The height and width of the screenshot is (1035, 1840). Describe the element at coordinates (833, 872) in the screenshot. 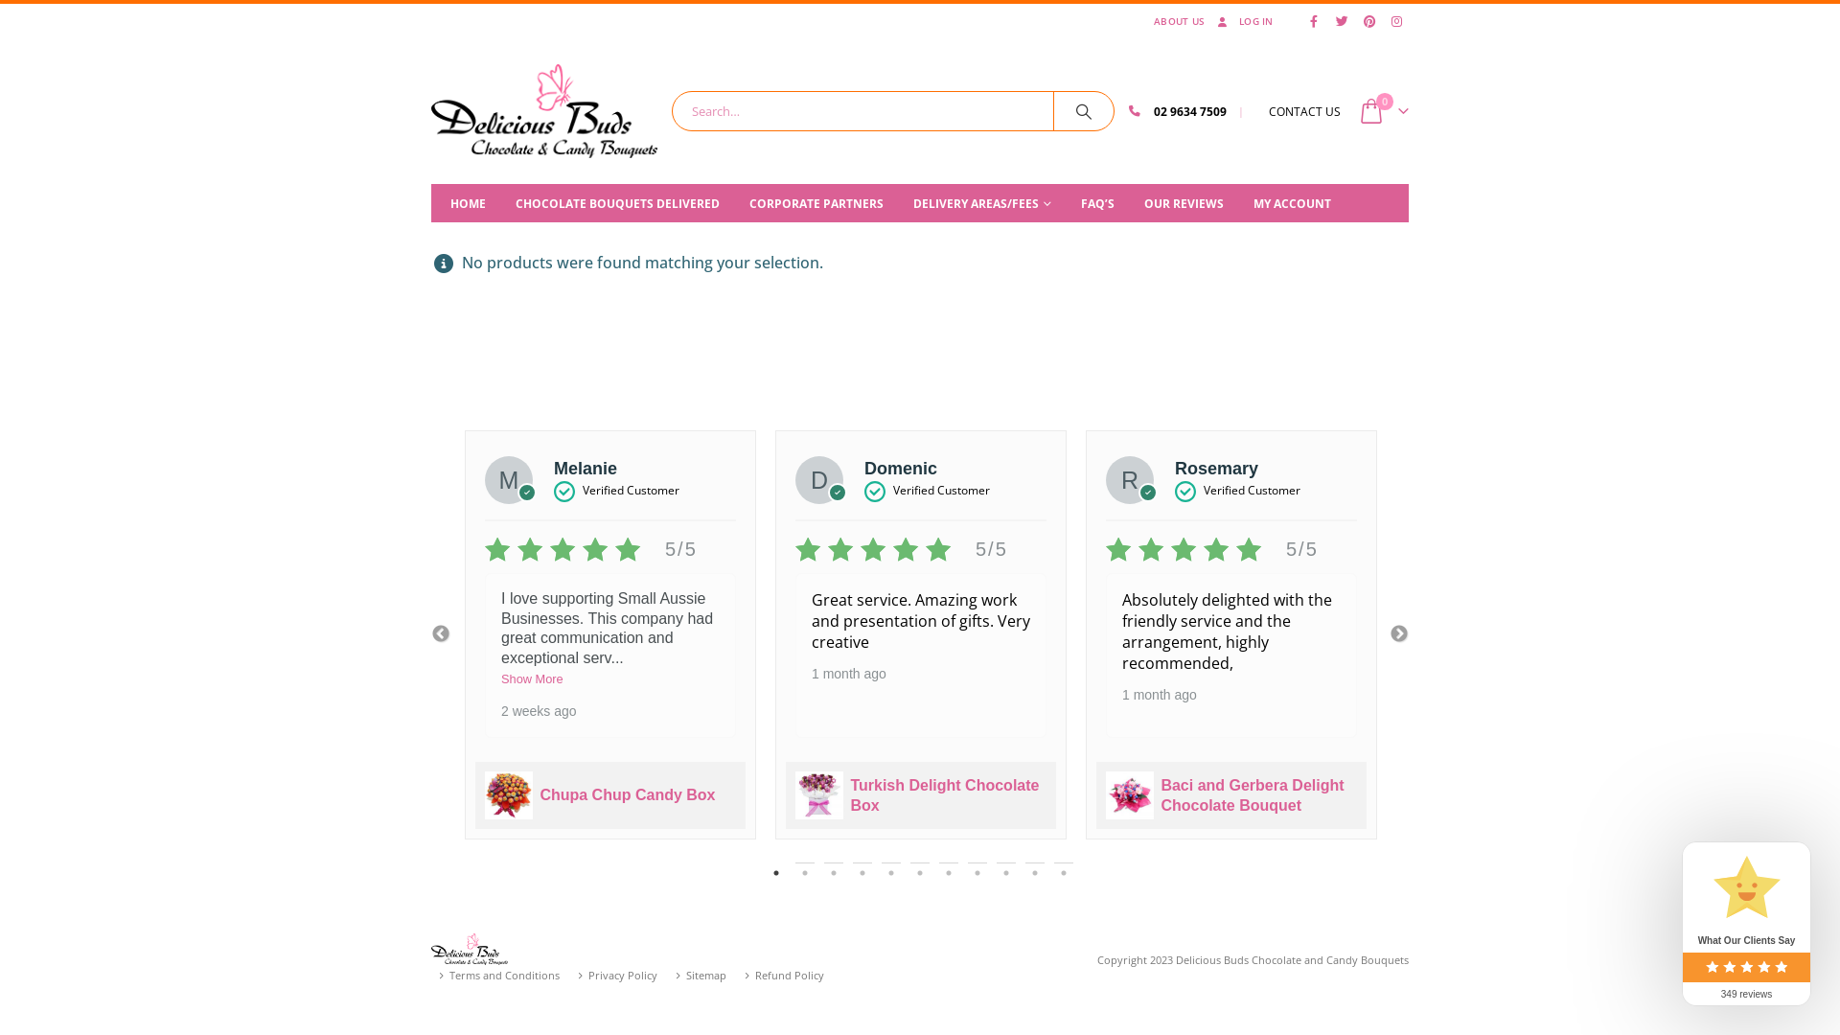

I see `'3'` at that location.